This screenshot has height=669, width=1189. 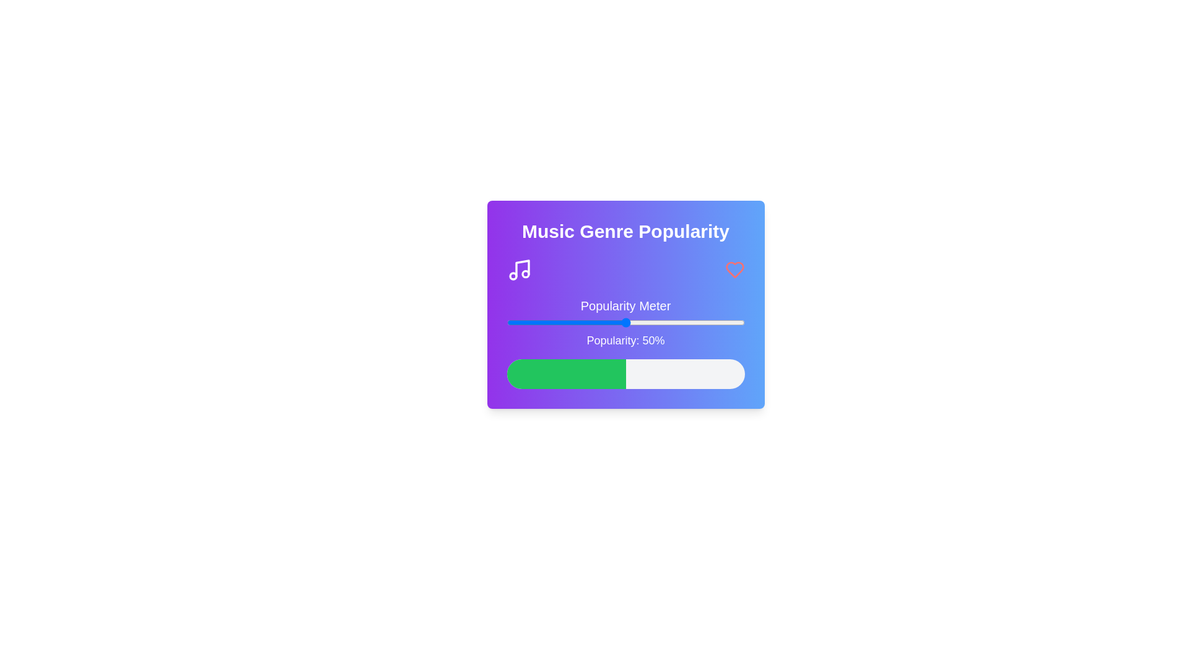 What do you see at coordinates (733, 321) in the screenshot?
I see `the popularity slider to 95%` at bounding box center [733, 321].